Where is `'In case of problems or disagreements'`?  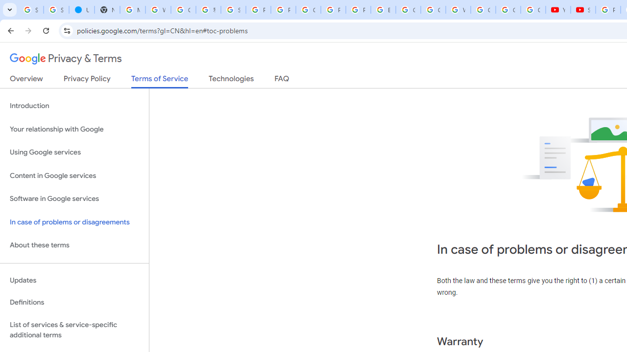 'In case of problems or disagreements' is located at coordinates (74, 222).